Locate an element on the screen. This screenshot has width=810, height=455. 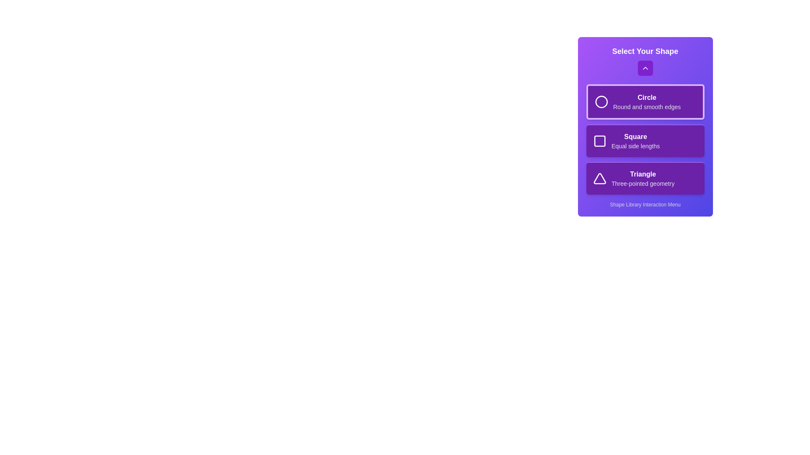
the icon of the shape Triangle is located at coordinates (599, 178).